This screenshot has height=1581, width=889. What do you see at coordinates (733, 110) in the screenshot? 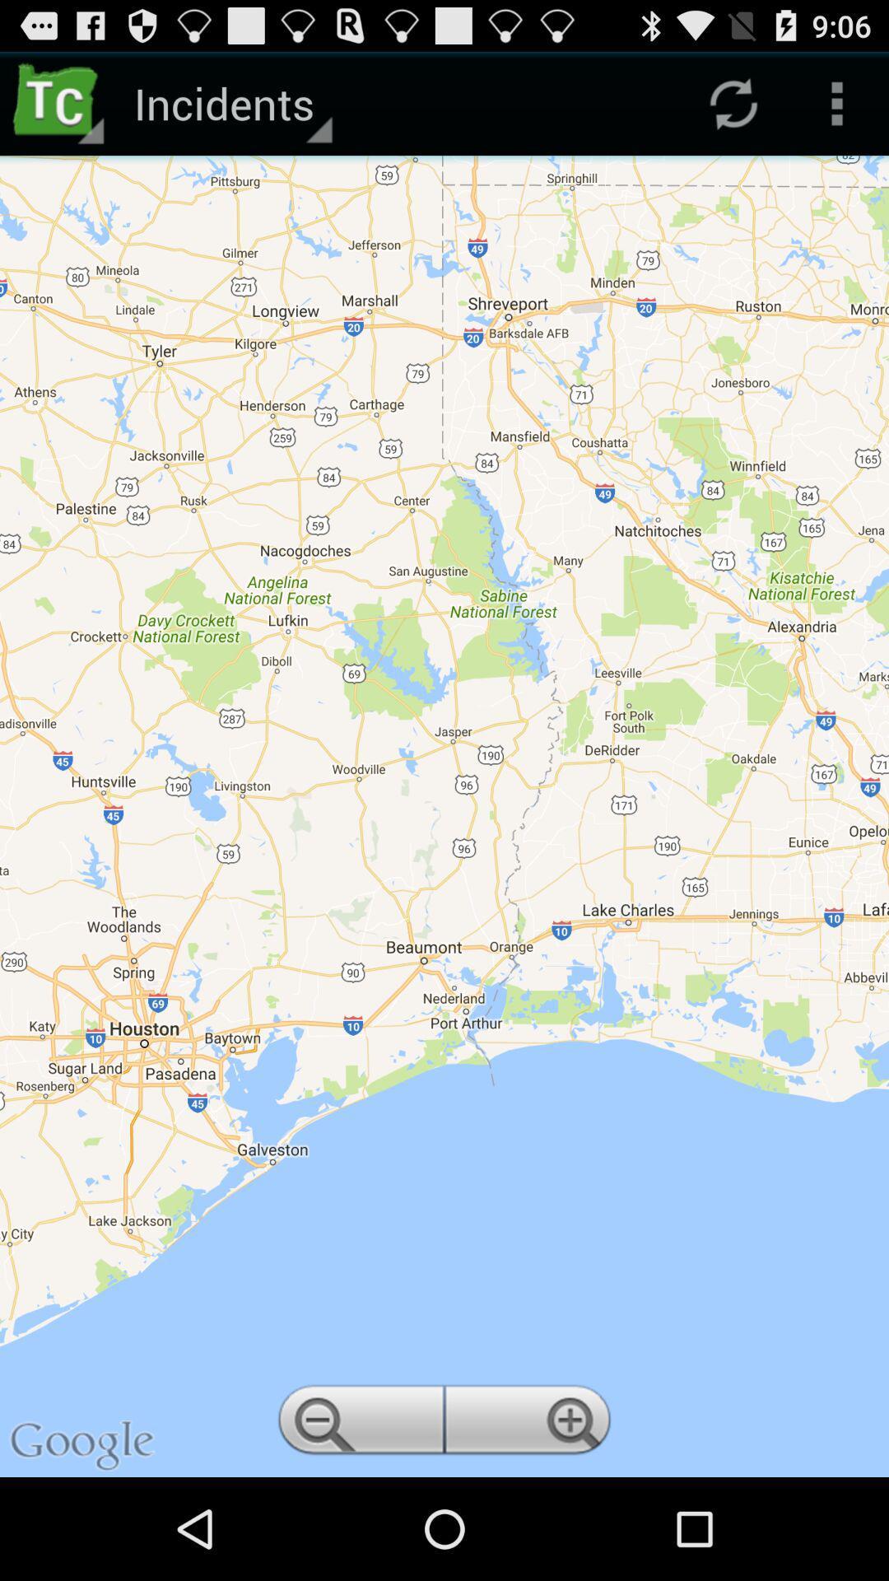
I see `the refresh icon` at bounding box center [733, 110].